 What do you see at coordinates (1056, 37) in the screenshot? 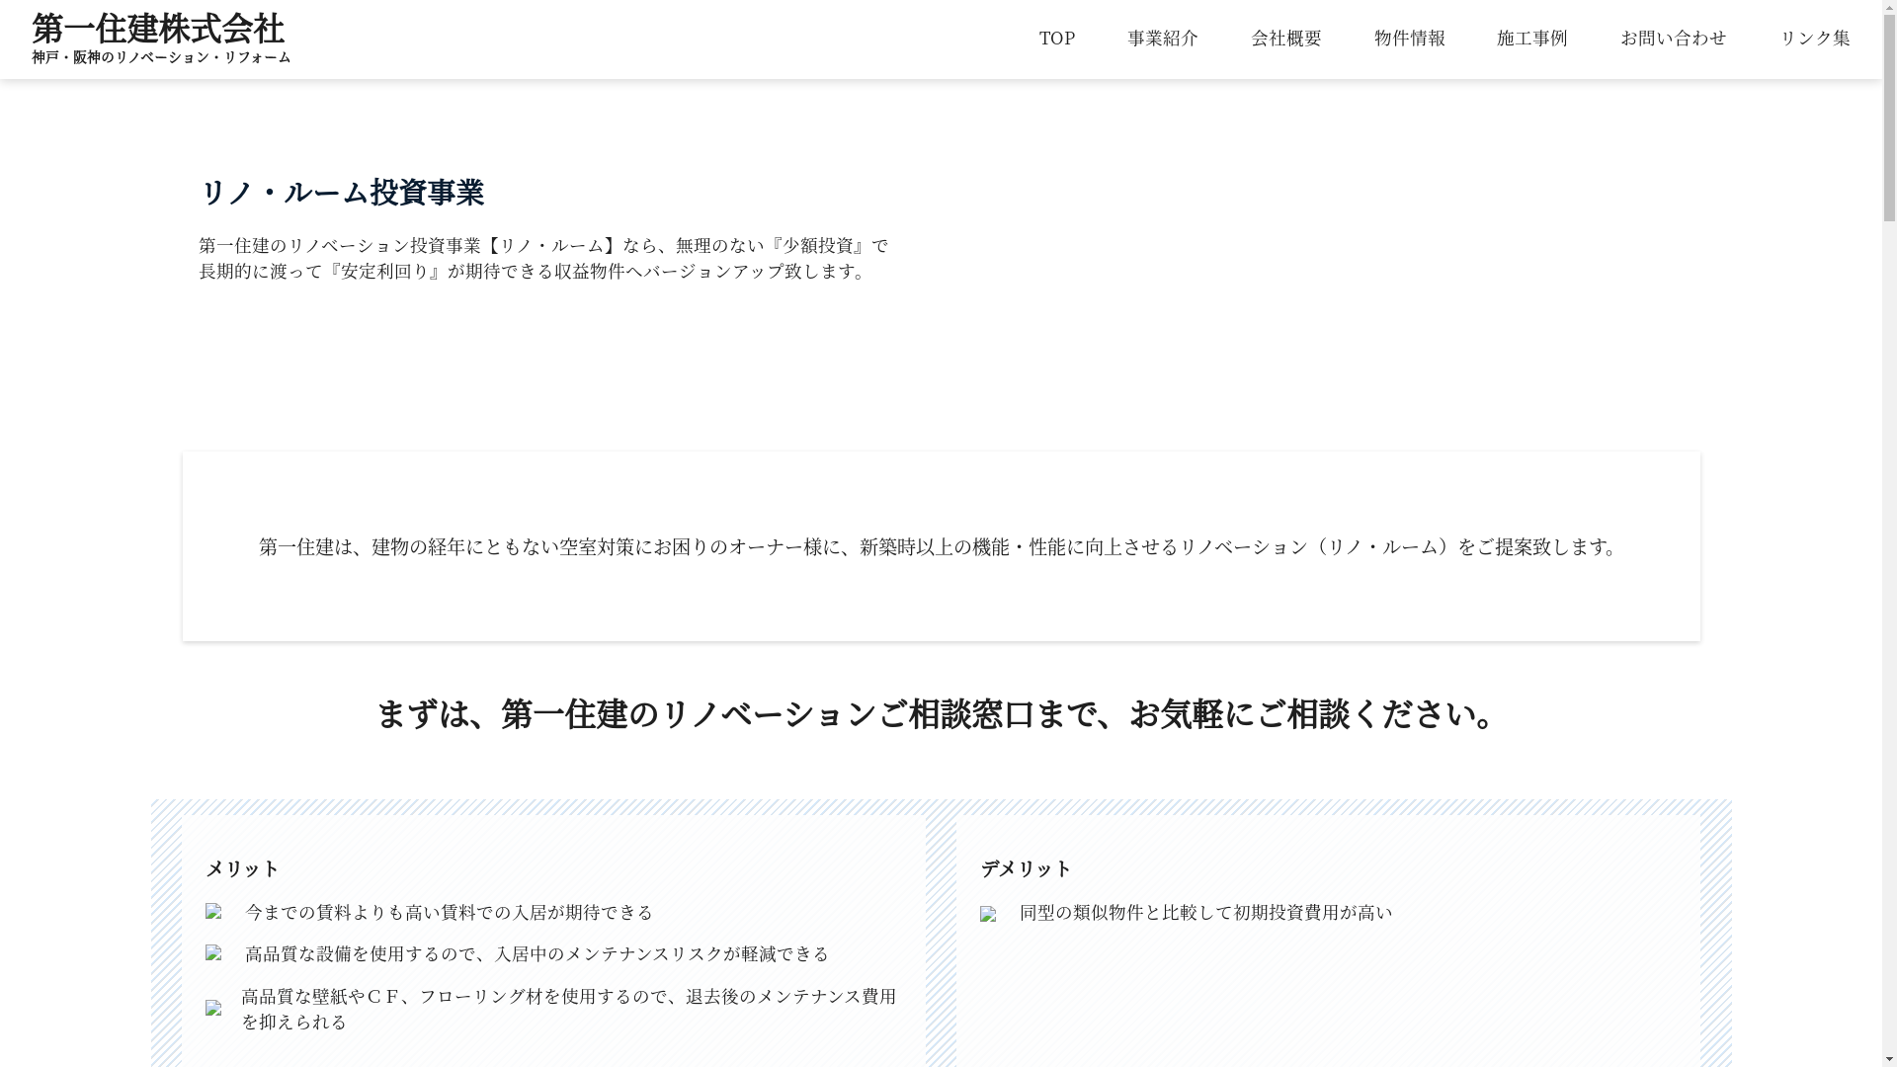
I see `'TOP'` at bounding box center [1056, 37].